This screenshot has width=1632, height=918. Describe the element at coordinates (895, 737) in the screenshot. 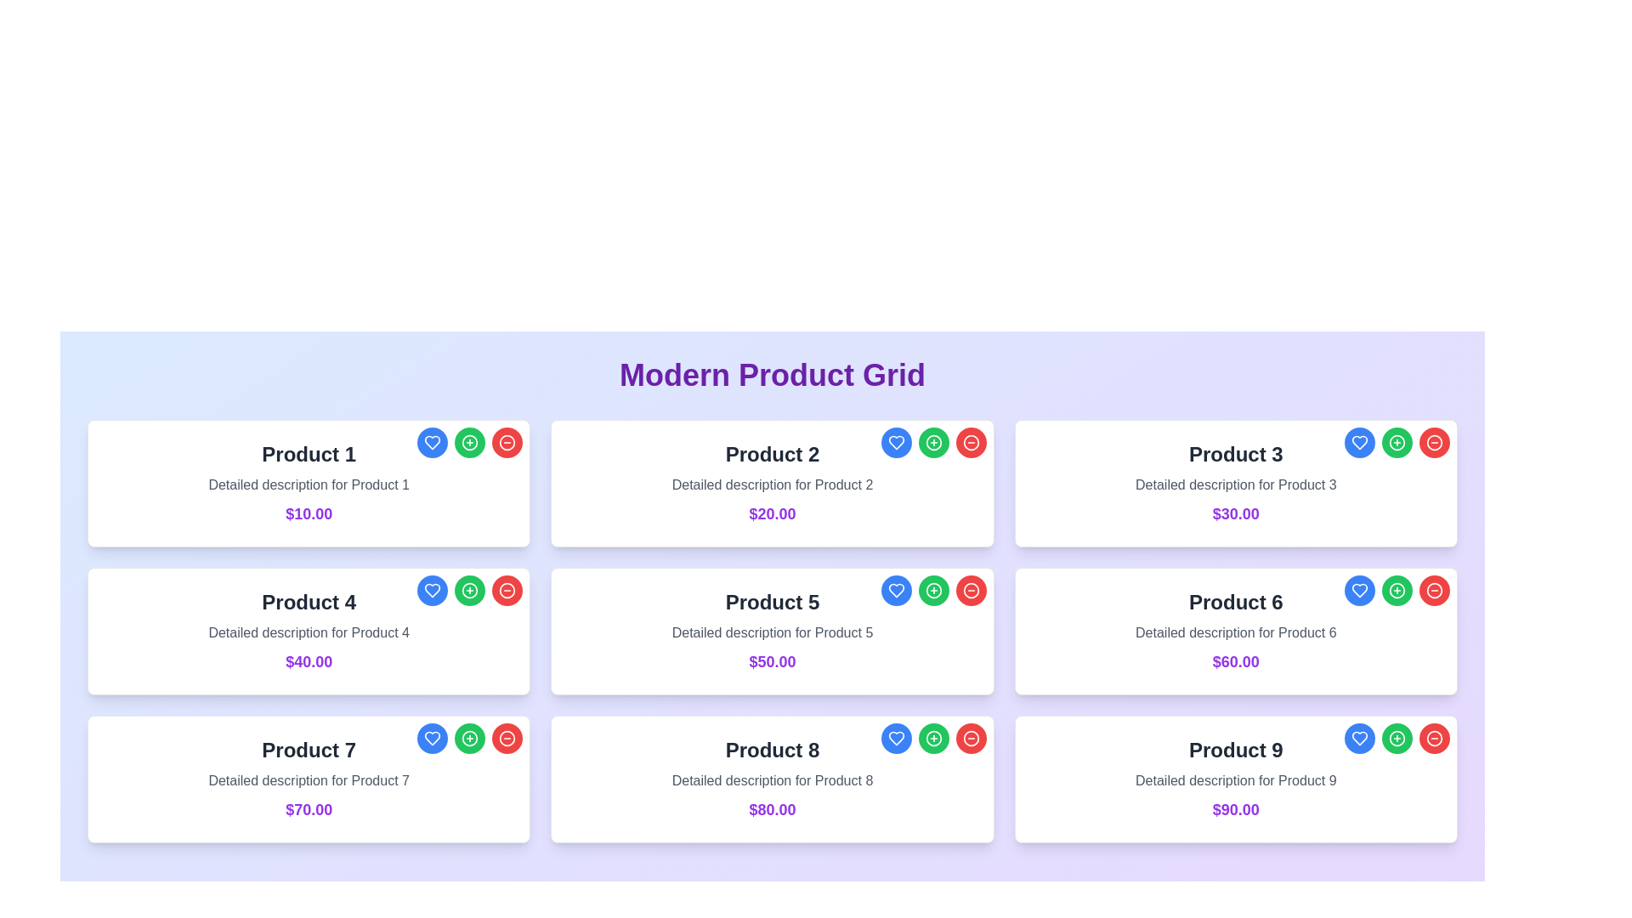

I see `the circular blue button with a white heart icon to mark 'Product 8' as favorite` at that location.